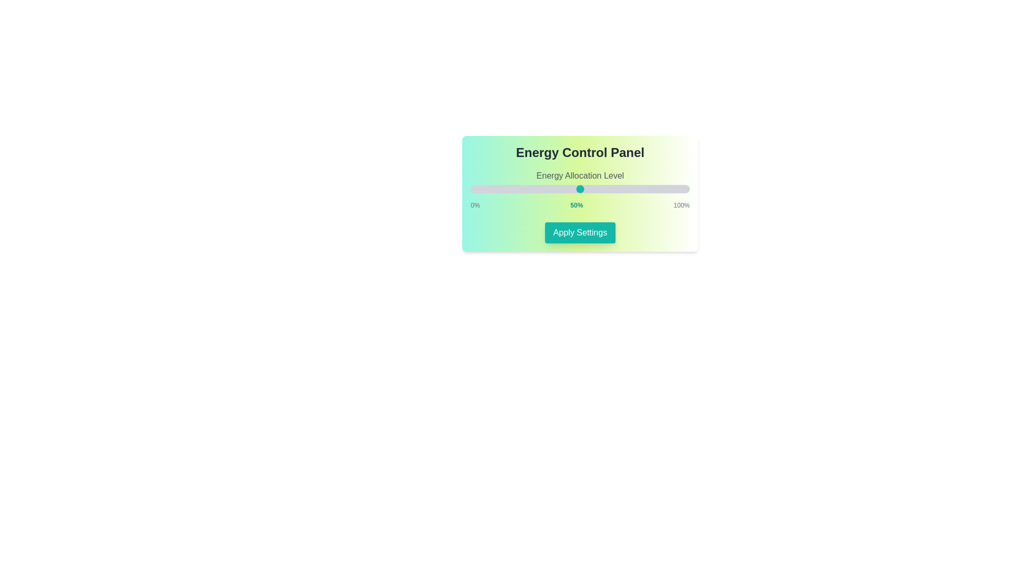  Describe the element at coordinates (588, 188) in the screenshot. I see `the energy level to 54% by moving the slider` at that location.